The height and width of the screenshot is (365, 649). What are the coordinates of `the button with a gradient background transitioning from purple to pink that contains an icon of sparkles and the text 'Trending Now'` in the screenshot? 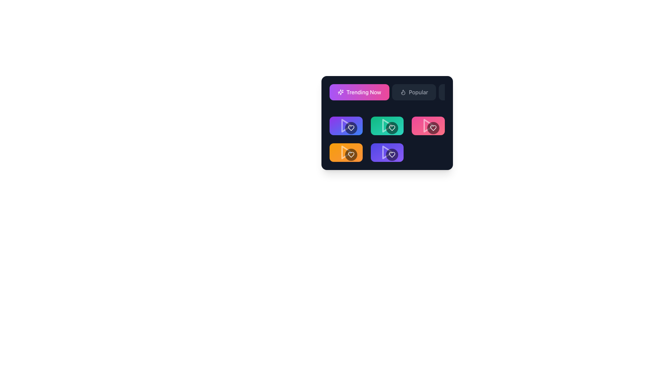 It's located at (359, 92).